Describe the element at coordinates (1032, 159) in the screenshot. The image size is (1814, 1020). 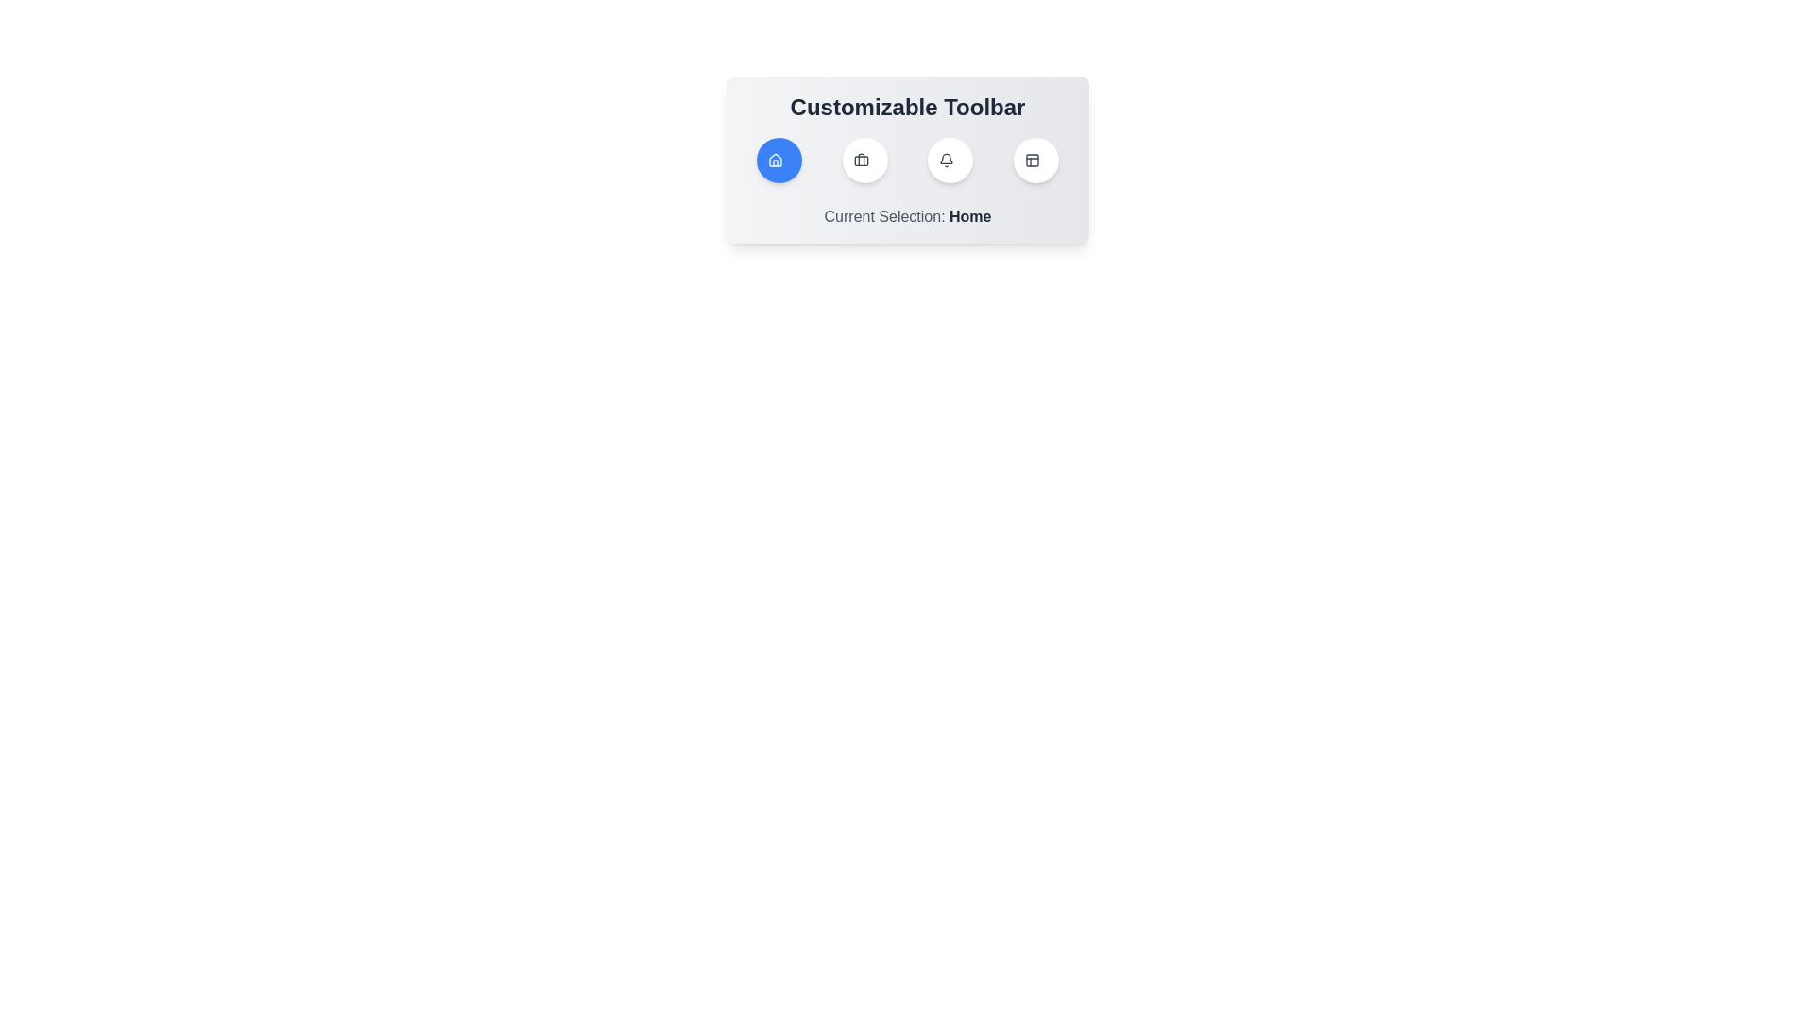
I see `the small rectangle with rounded corners located within the fourth icon from the left in the toolbar containing four circular buttons` at that location.